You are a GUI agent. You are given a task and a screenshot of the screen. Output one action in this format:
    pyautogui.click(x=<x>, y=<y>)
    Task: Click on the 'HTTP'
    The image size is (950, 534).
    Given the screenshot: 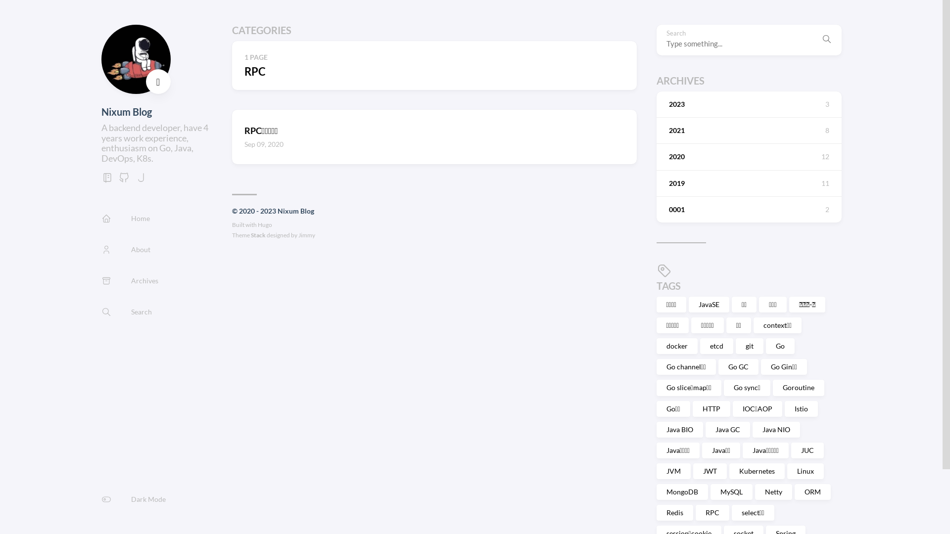 What is the action you would take?
    pyautogui.click(x=711, y=408)
    